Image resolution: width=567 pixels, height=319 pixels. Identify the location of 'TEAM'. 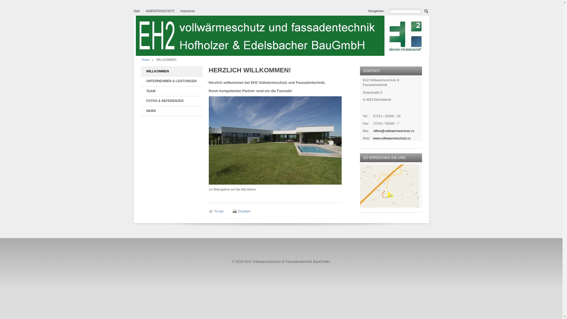
(171, 91).